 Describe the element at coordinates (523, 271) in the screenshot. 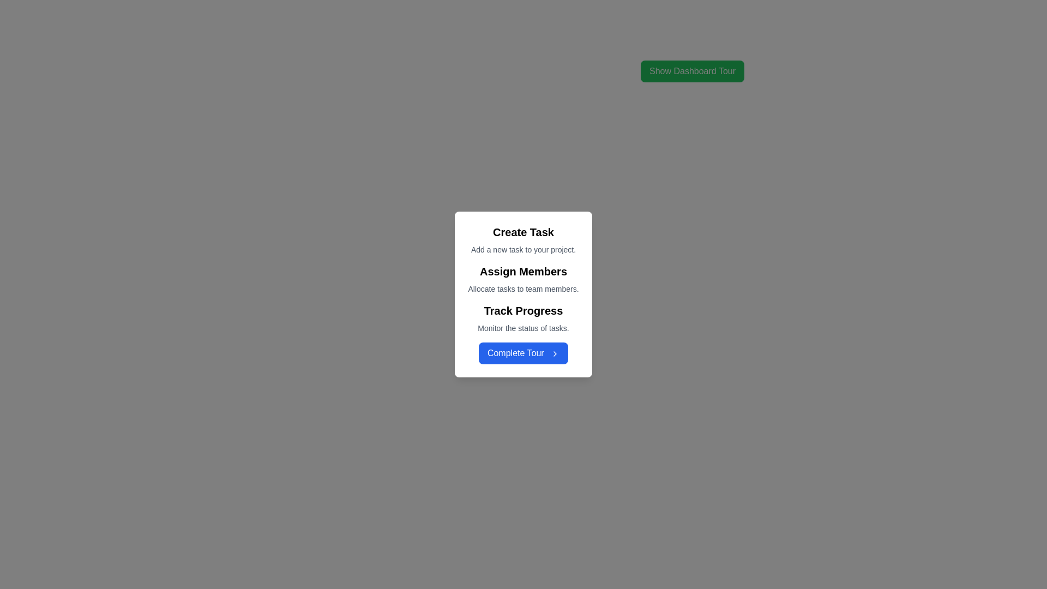

I see `the 'Assign Members' label, which is a bold, extra-large text element styled in black font, located centrally on a white card interface` at that location.